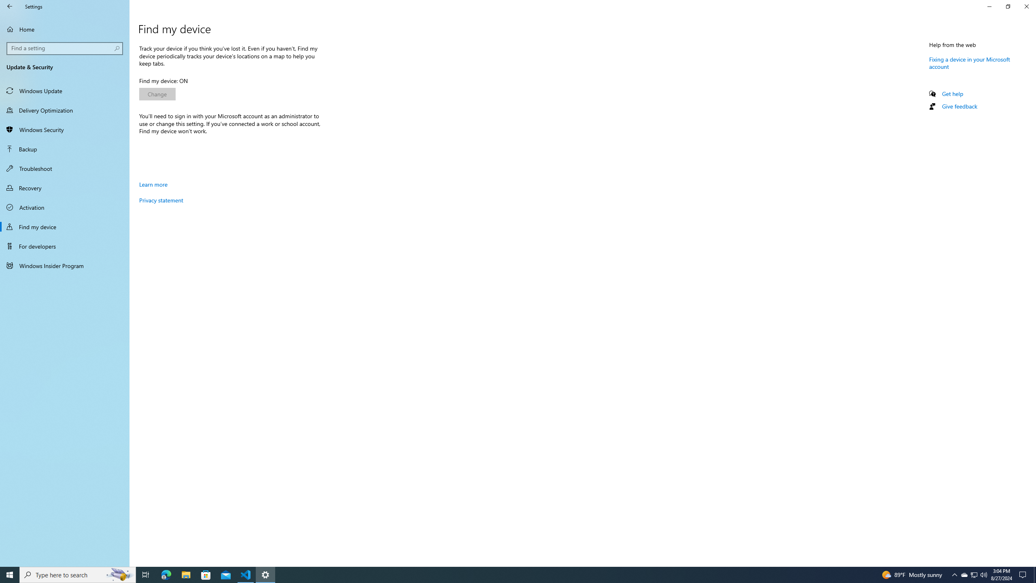 This screenshot has width=1036, height=583. I want to click on 'Backup', so click(64, 149).